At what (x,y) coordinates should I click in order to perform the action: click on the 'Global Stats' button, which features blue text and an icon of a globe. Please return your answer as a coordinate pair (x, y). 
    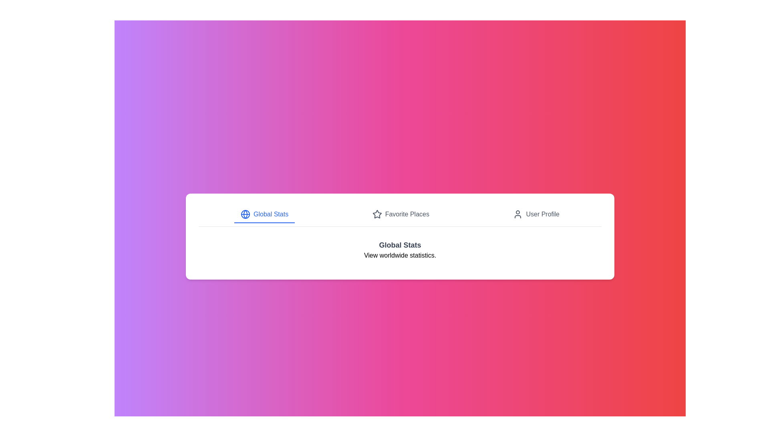
    Looking at the image, I should click on (264, 214).